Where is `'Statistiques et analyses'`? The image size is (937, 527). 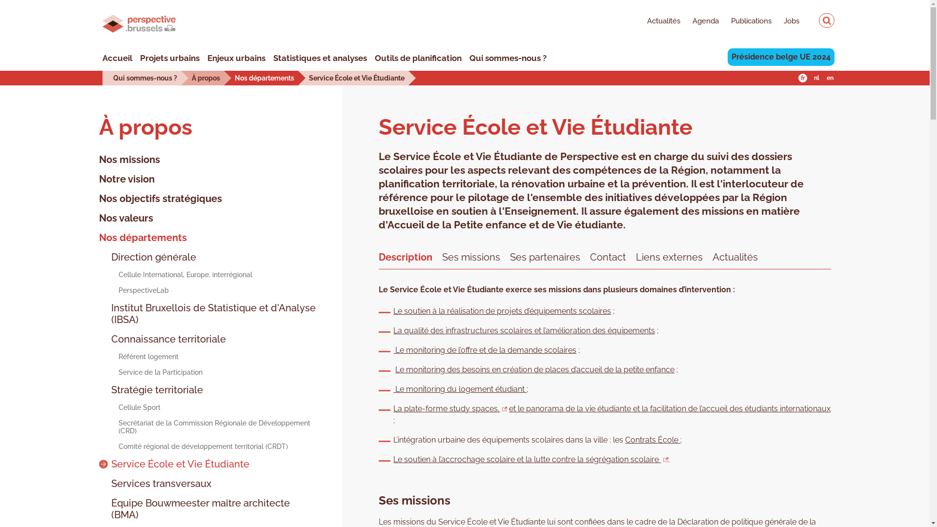
'Statistiques et analyses' is located at coordinates (273, 58).